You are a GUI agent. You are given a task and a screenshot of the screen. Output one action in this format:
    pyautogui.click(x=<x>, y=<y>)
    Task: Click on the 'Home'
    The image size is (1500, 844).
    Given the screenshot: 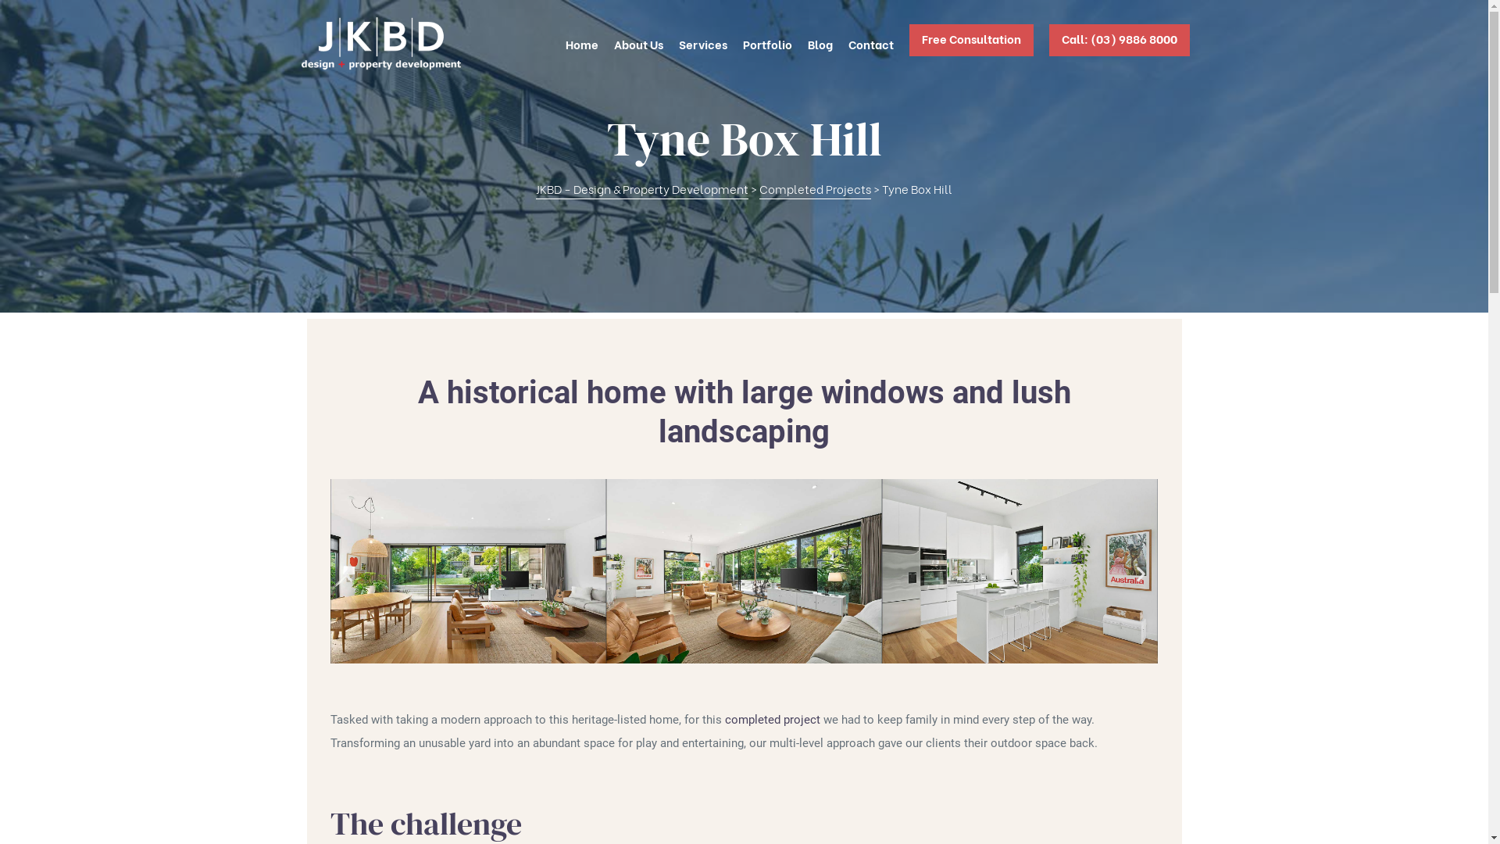 What is the action you would take?
    pyautogui.click(x=565, y=43)
    